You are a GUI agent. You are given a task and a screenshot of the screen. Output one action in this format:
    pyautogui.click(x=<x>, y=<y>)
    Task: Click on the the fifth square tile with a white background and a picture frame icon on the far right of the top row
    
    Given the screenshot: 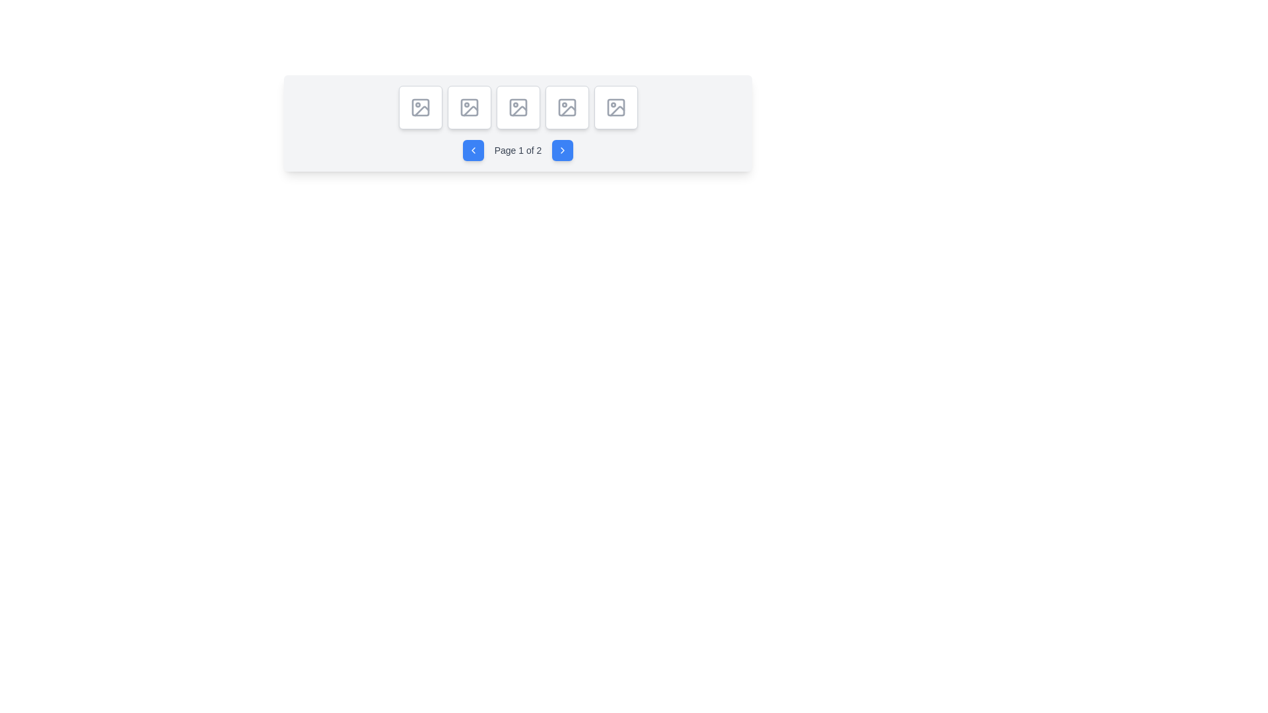 What is the action you would take?
    pyautogui.click(x=615, y=106)
    